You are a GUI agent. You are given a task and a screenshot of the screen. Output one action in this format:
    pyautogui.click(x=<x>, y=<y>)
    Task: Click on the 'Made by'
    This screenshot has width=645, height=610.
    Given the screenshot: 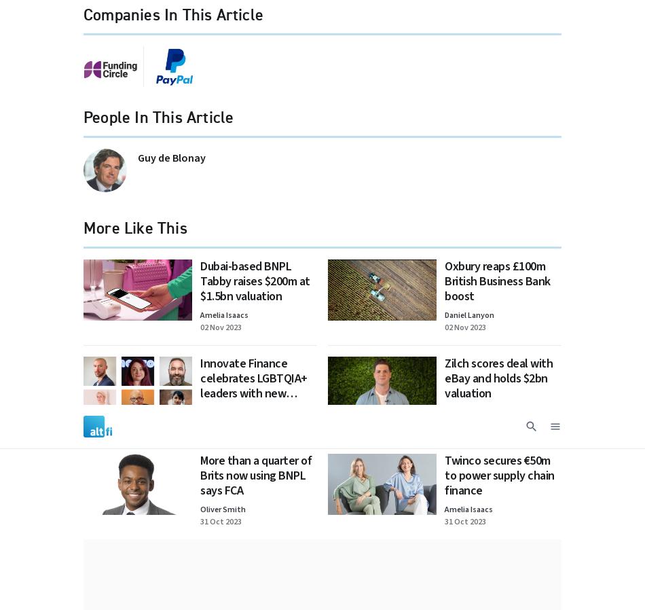 What is the action you would take?
    pyautogui.click(x=484, y=165)
    